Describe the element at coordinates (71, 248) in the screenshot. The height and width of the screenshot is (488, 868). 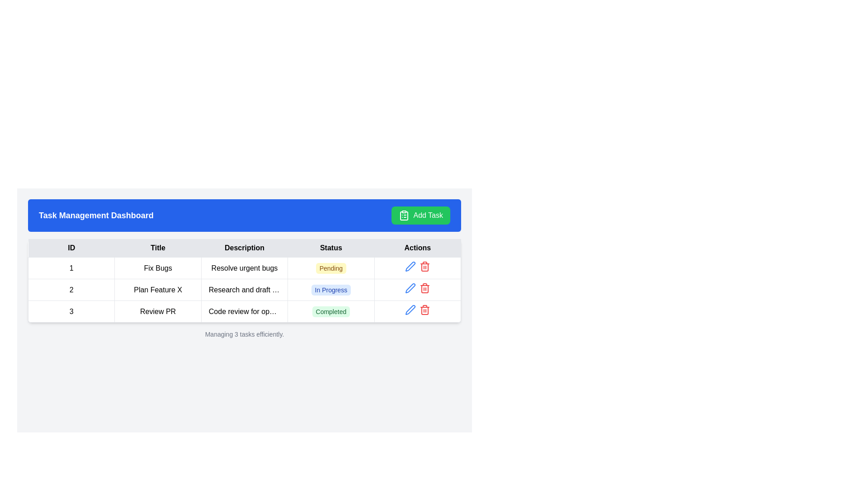
I see `the bold, black text label 'ID' located in the first cell of the header row of the table, which is centered in a light grey cell` at that location.